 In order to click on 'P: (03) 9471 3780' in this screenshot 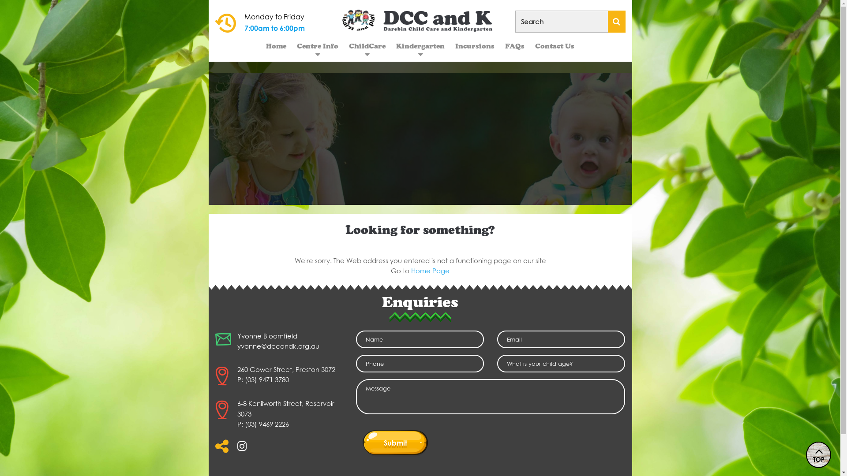, I will do `click(262, 379)`.